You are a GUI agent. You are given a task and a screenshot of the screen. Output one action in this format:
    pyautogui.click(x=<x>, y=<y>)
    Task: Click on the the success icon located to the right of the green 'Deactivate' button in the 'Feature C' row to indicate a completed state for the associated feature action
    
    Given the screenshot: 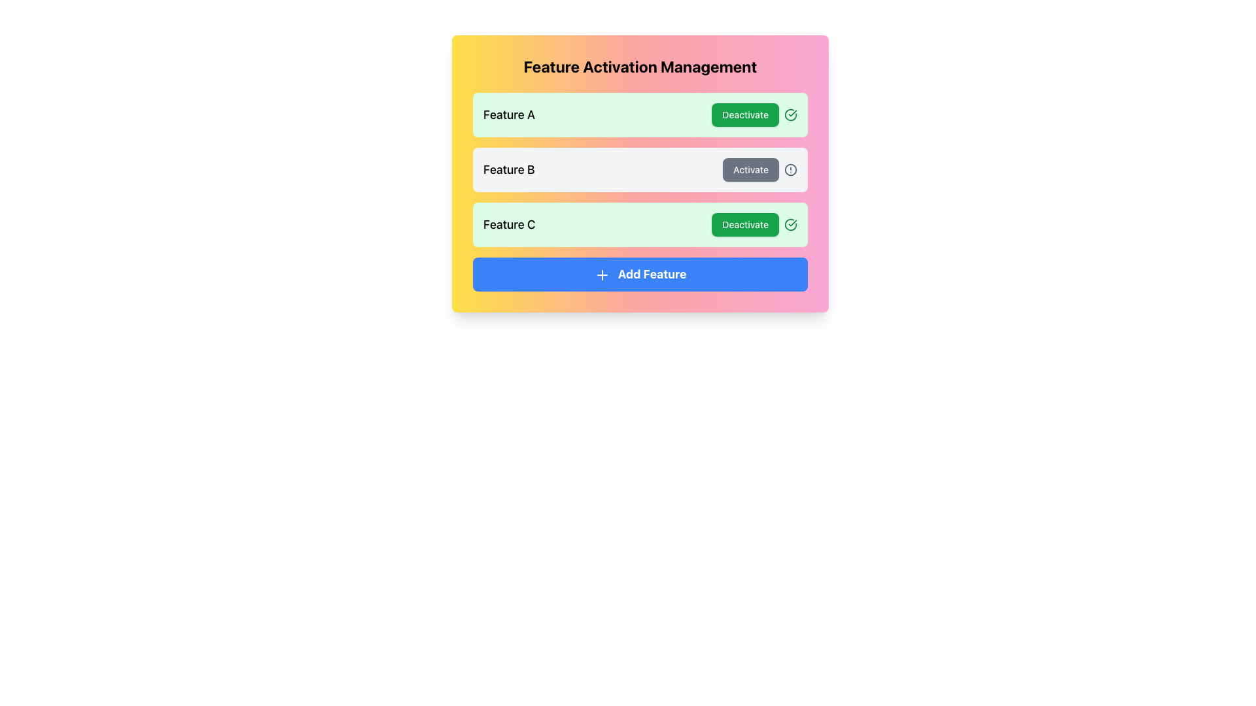 What is the action you would take?
    pyautogui.click(x=790, y=224)
    